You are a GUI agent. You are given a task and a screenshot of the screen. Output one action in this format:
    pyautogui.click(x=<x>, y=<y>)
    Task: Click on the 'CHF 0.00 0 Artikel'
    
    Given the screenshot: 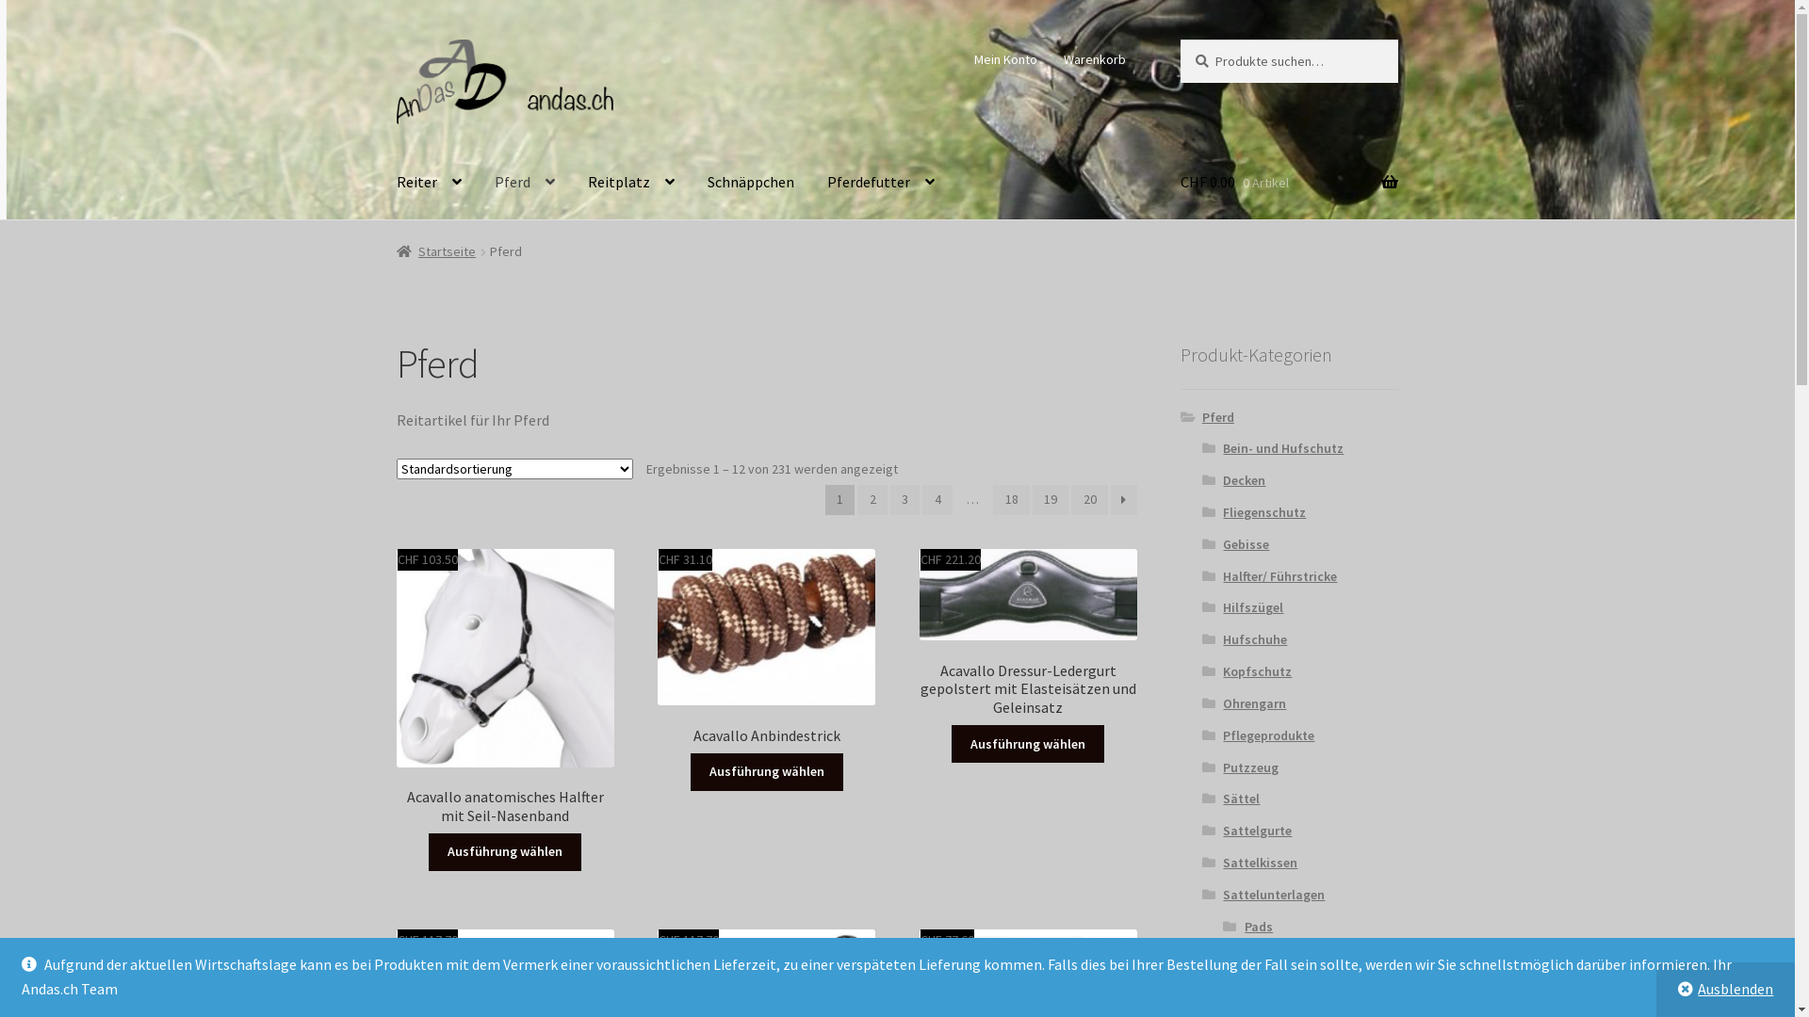 What is the action you would take?
    pyautogui.click(x=1288, y=182)
    